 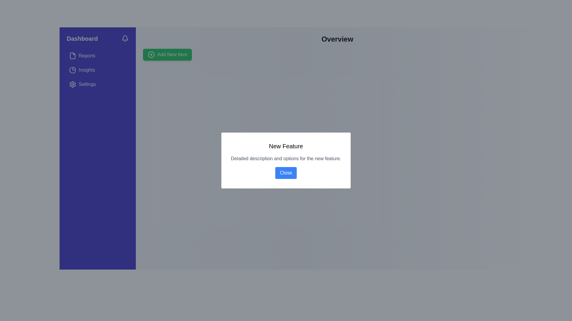 What do you see at coordinates (125, 39) in the screenshot?
I see `the notification bell icon located near the top right corner of the sidebar section labeled 'Dashboard'` at bounding box center [125, 39].